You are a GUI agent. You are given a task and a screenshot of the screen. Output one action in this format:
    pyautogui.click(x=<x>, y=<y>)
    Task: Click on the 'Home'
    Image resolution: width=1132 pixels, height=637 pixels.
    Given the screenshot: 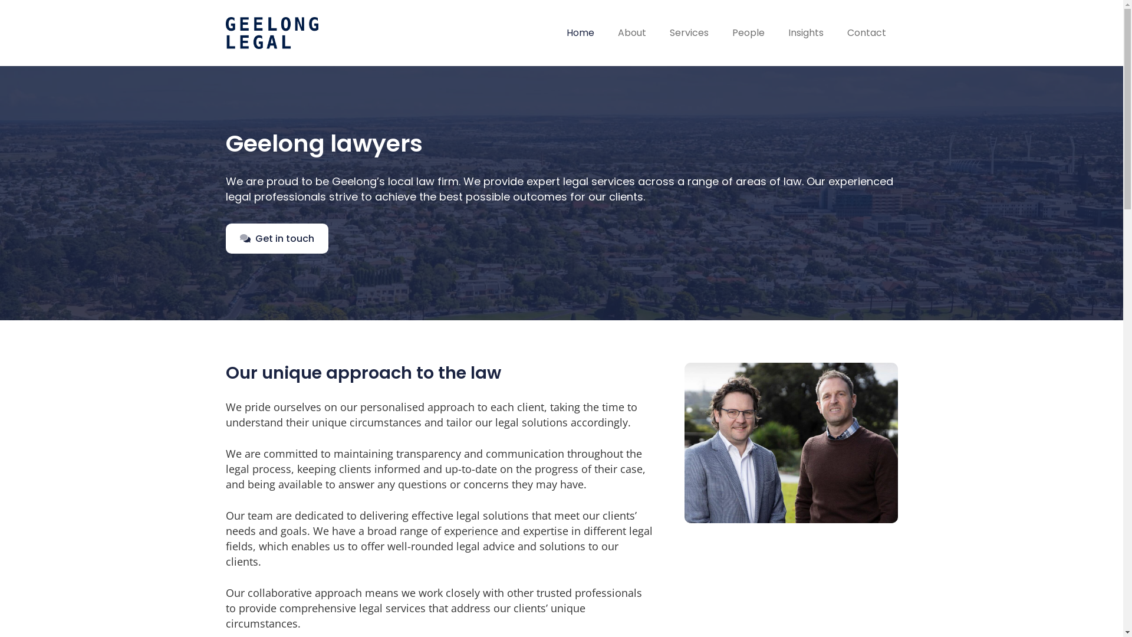 What is the action you would take?
    pyautogui.click(x=580, y=32)
    